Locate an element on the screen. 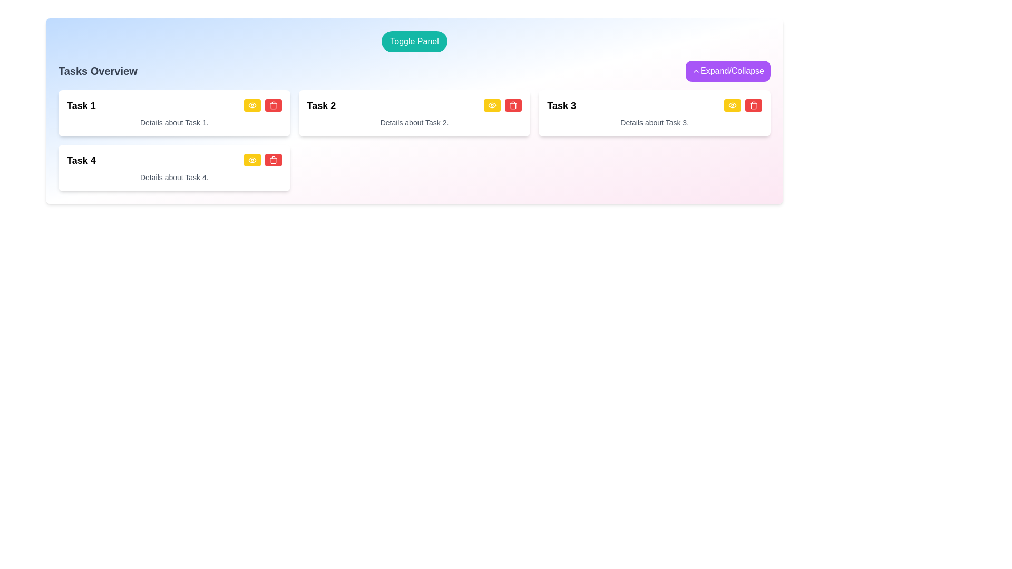  the text label 'Task 2', which is displayed in a bold font at the upper-left portion of the rectangular card, serving as the heading for the card is located at coordinates (320, 105).